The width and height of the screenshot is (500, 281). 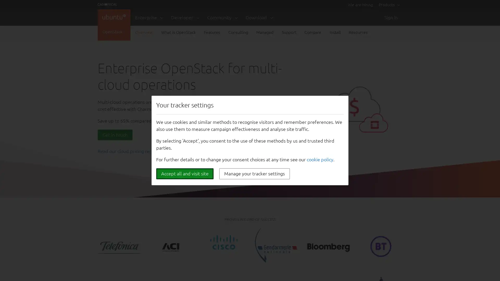 What do you see at coordinates (254, 174) in the screenshot?
I see `Manage your tracker settings` at bounding box center [254, 174].